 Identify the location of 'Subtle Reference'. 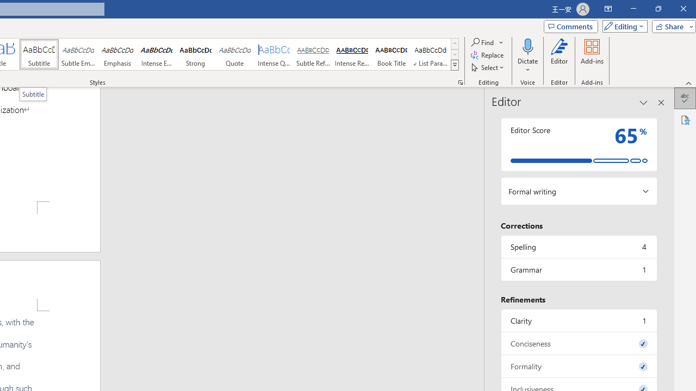
(313, 54).